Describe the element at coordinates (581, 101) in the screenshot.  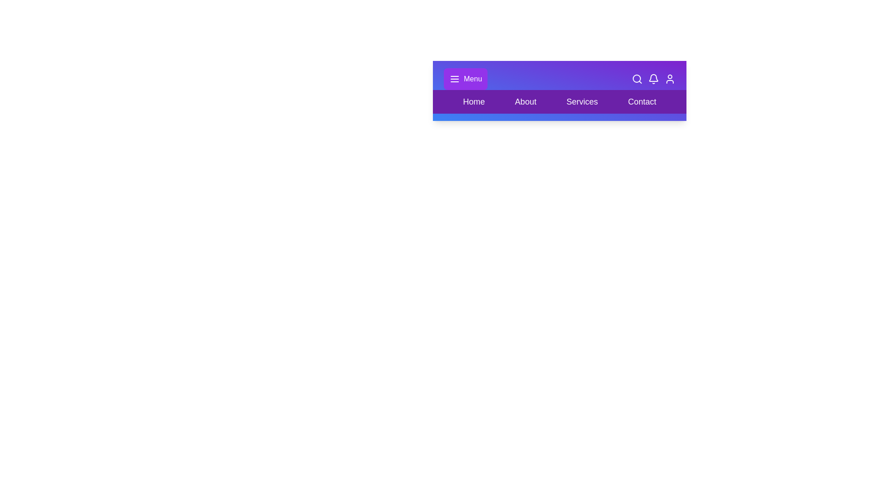
I see `the element Services to highlight it` at that location.